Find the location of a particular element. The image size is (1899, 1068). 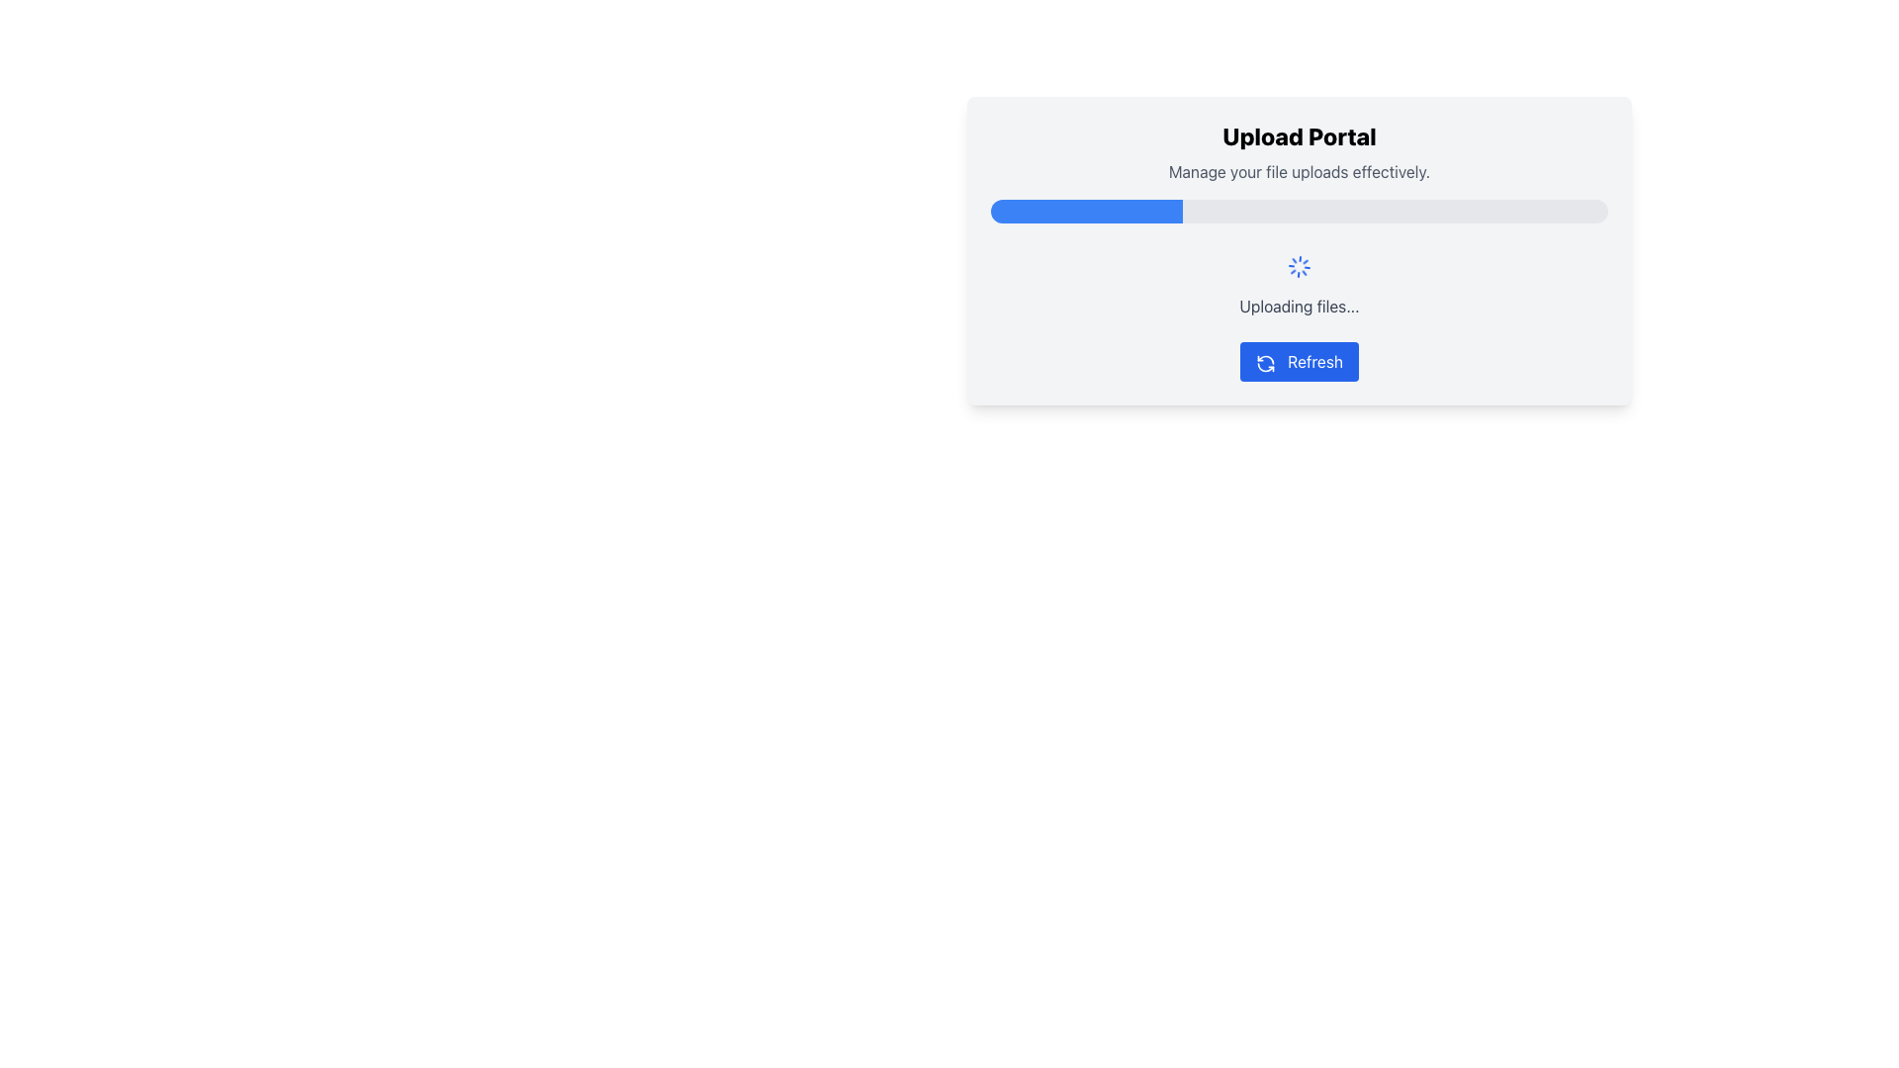

the Loader animation icon to understand the ongoing upload process state is located at coordinates (1300, 267).